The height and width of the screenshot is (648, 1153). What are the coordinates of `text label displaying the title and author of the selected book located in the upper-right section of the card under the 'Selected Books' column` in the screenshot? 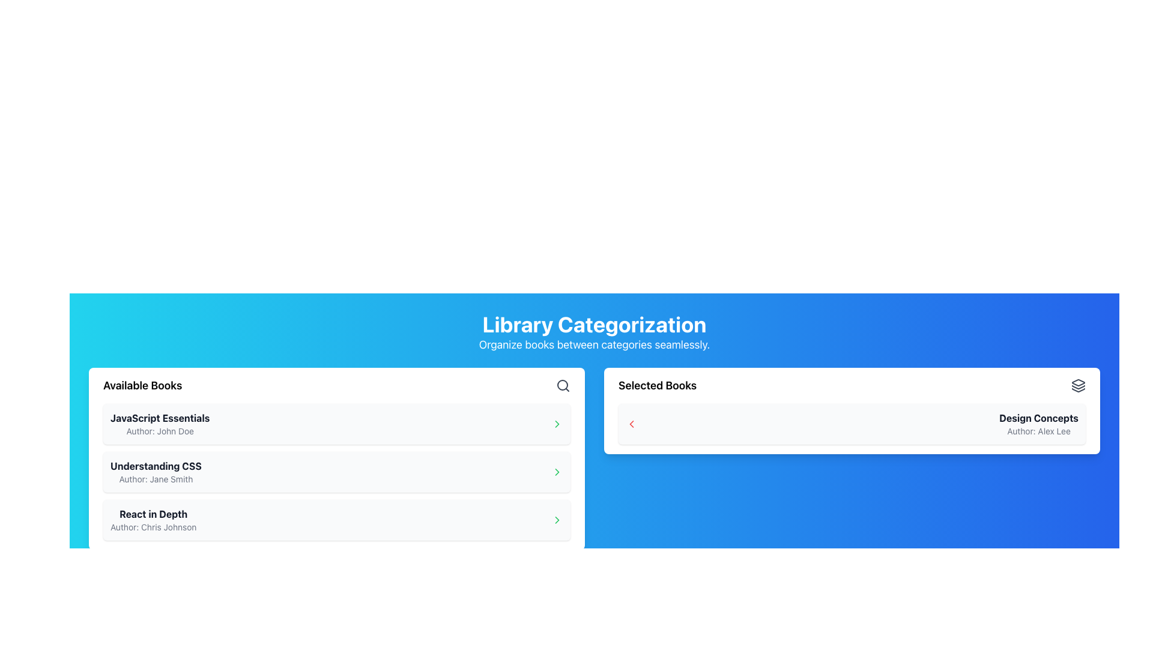 It's located at (1038, 423).